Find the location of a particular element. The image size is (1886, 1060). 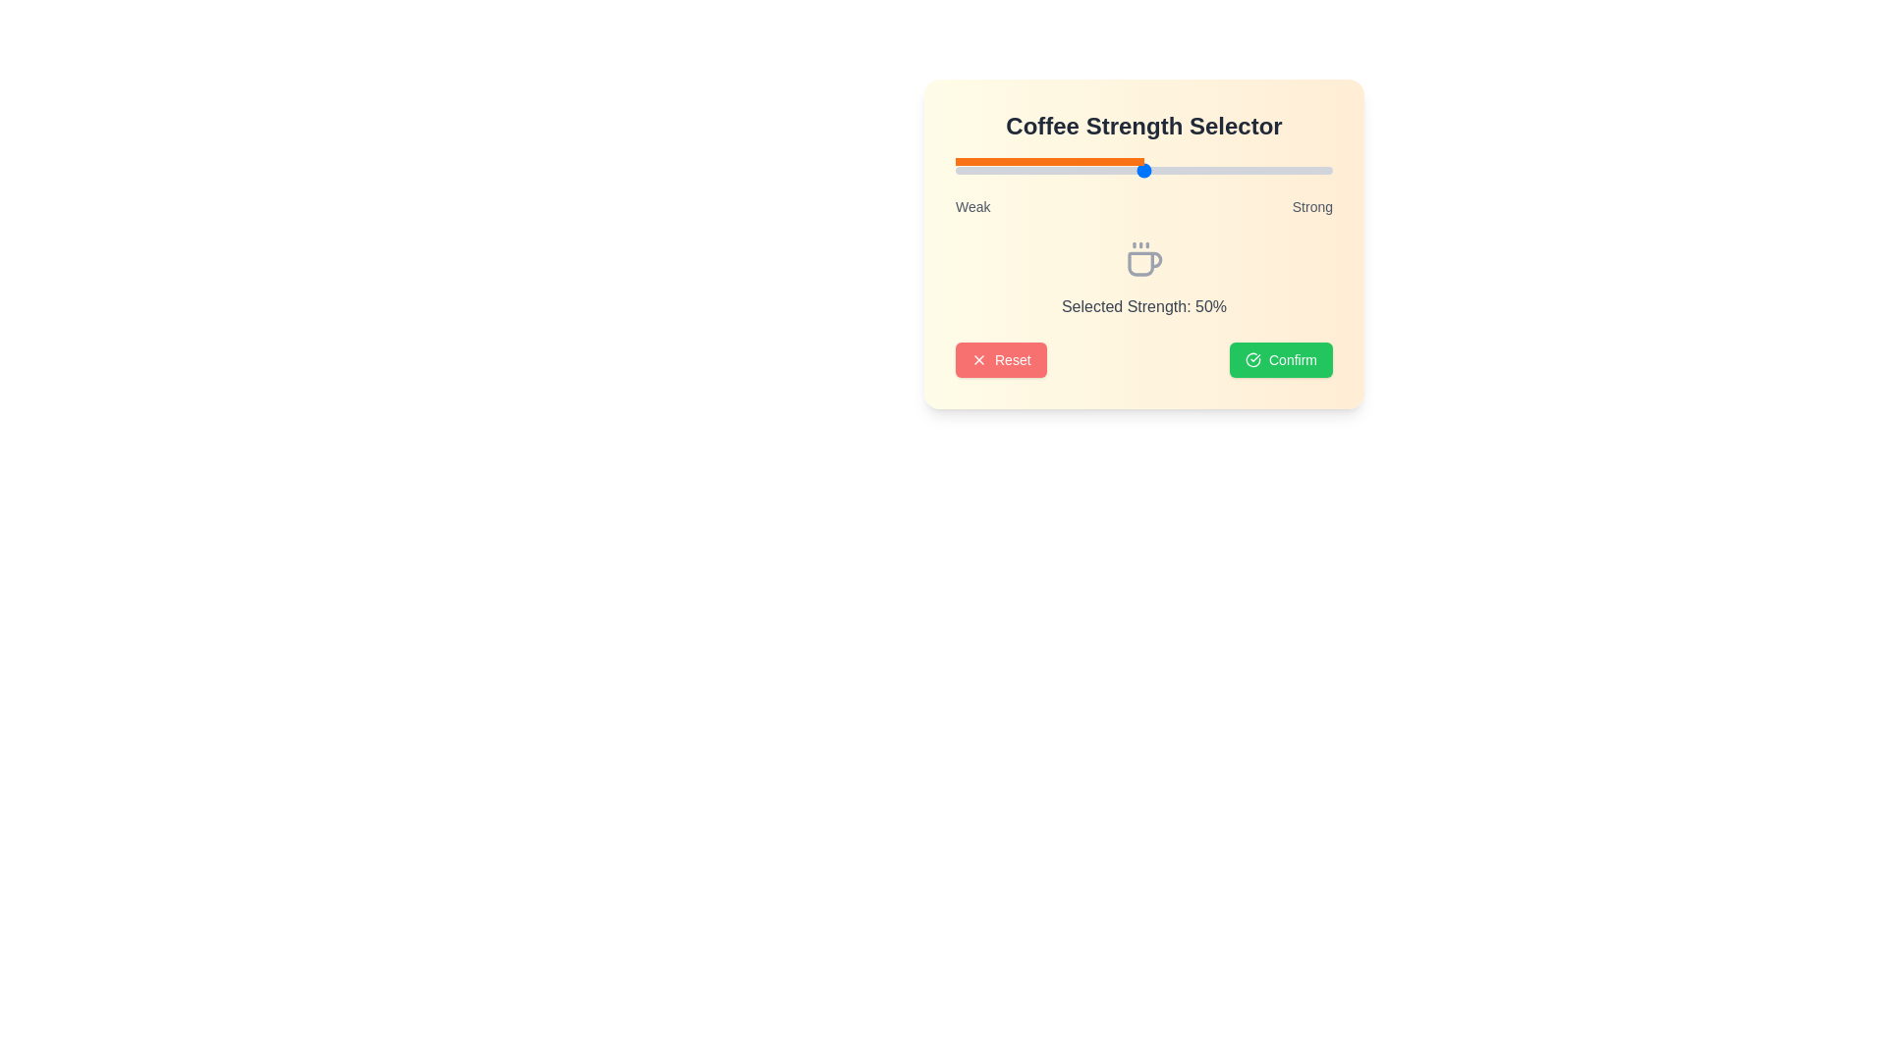

the coffee strength is located at coordinates (1321, 169).